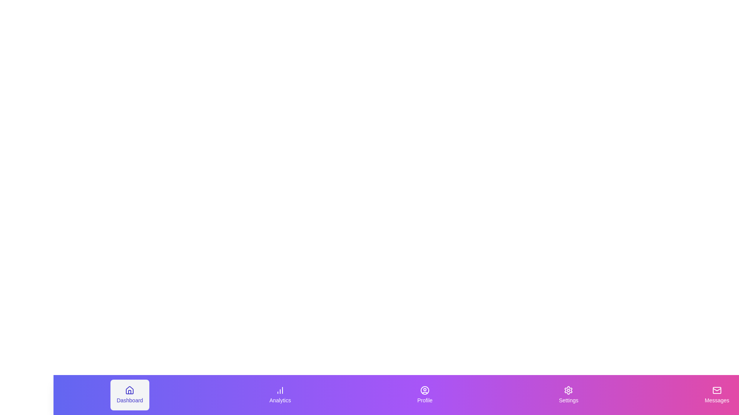 The width and height of the screenshot is (739, 415). I want to click on the Settings tab to activate it, so click(568, 395).